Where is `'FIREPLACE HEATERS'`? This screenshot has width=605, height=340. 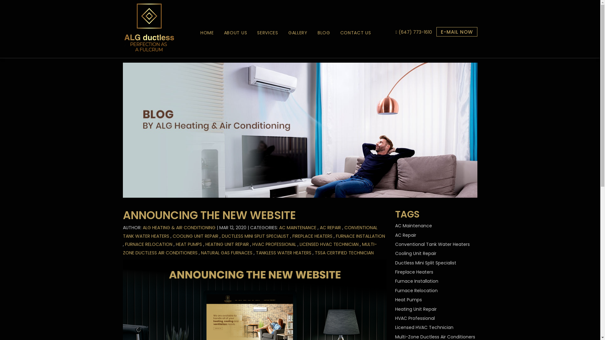
'FIREPLACE HEATERS' is located at coordinates (312, 236).